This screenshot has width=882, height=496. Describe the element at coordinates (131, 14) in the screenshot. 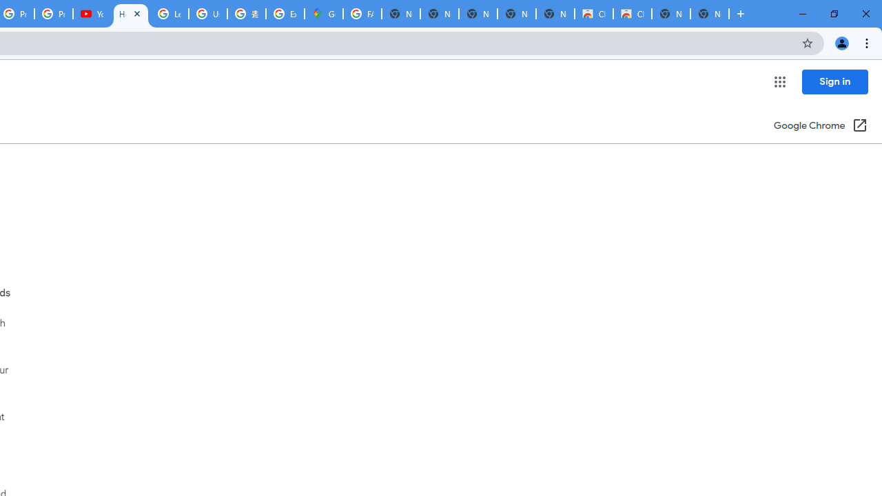

I see `'How Chrome protects your passwords - Google Chrome Help'` at that location.